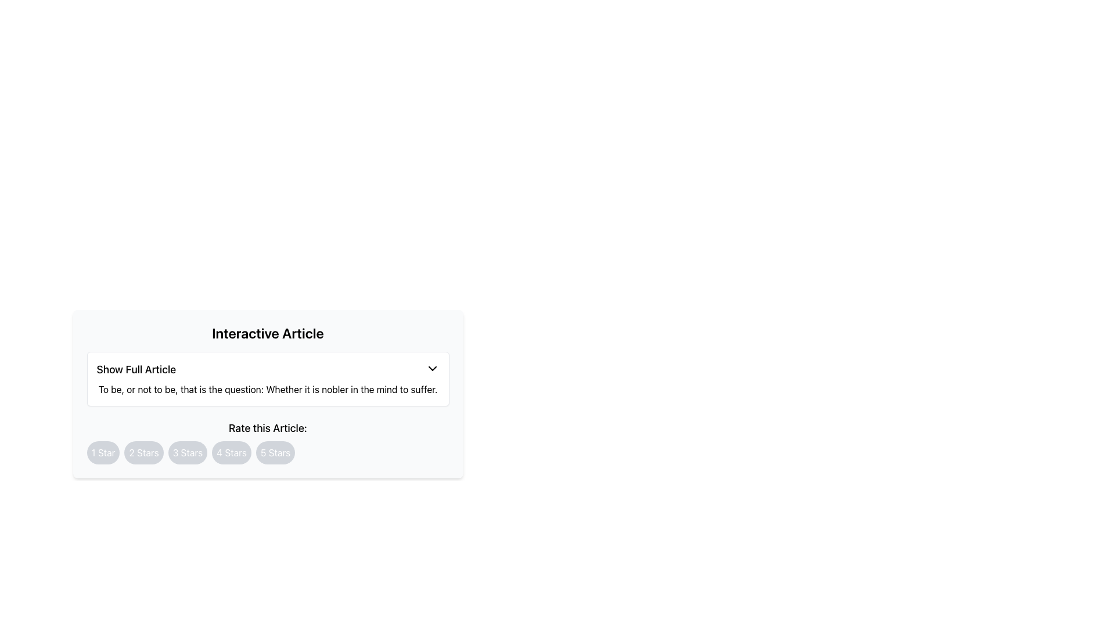 This screenshot has width=1115, height=627. What do you see at coordinates (275, 452) in the screenshot?
I see `the fifth button in the horizontal row of rating buttons to assign a '5-star' rating to the article, indicating high approval or satisfaction with the content` at bounding box center [275, 452].